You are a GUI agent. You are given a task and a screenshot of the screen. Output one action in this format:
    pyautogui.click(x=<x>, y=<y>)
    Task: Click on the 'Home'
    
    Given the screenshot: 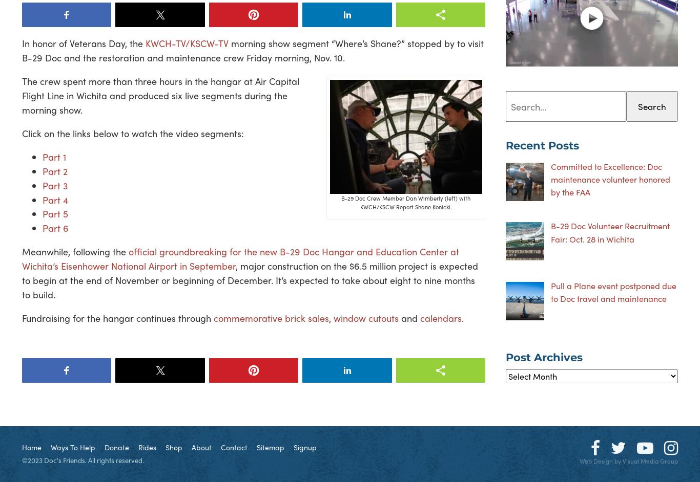 What is the action you would take?
    pyautogui.click(x=32, y=447)
    